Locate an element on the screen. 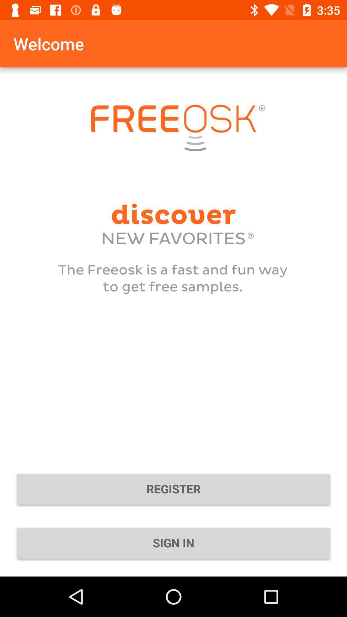  the icon above the sign in icon is located at coordinates (173, 488).